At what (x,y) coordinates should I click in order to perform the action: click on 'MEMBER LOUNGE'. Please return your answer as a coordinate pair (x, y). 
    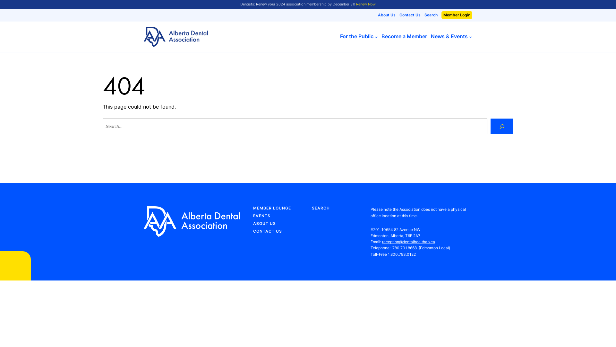
    Looking at the image, I should click on (272, 208).